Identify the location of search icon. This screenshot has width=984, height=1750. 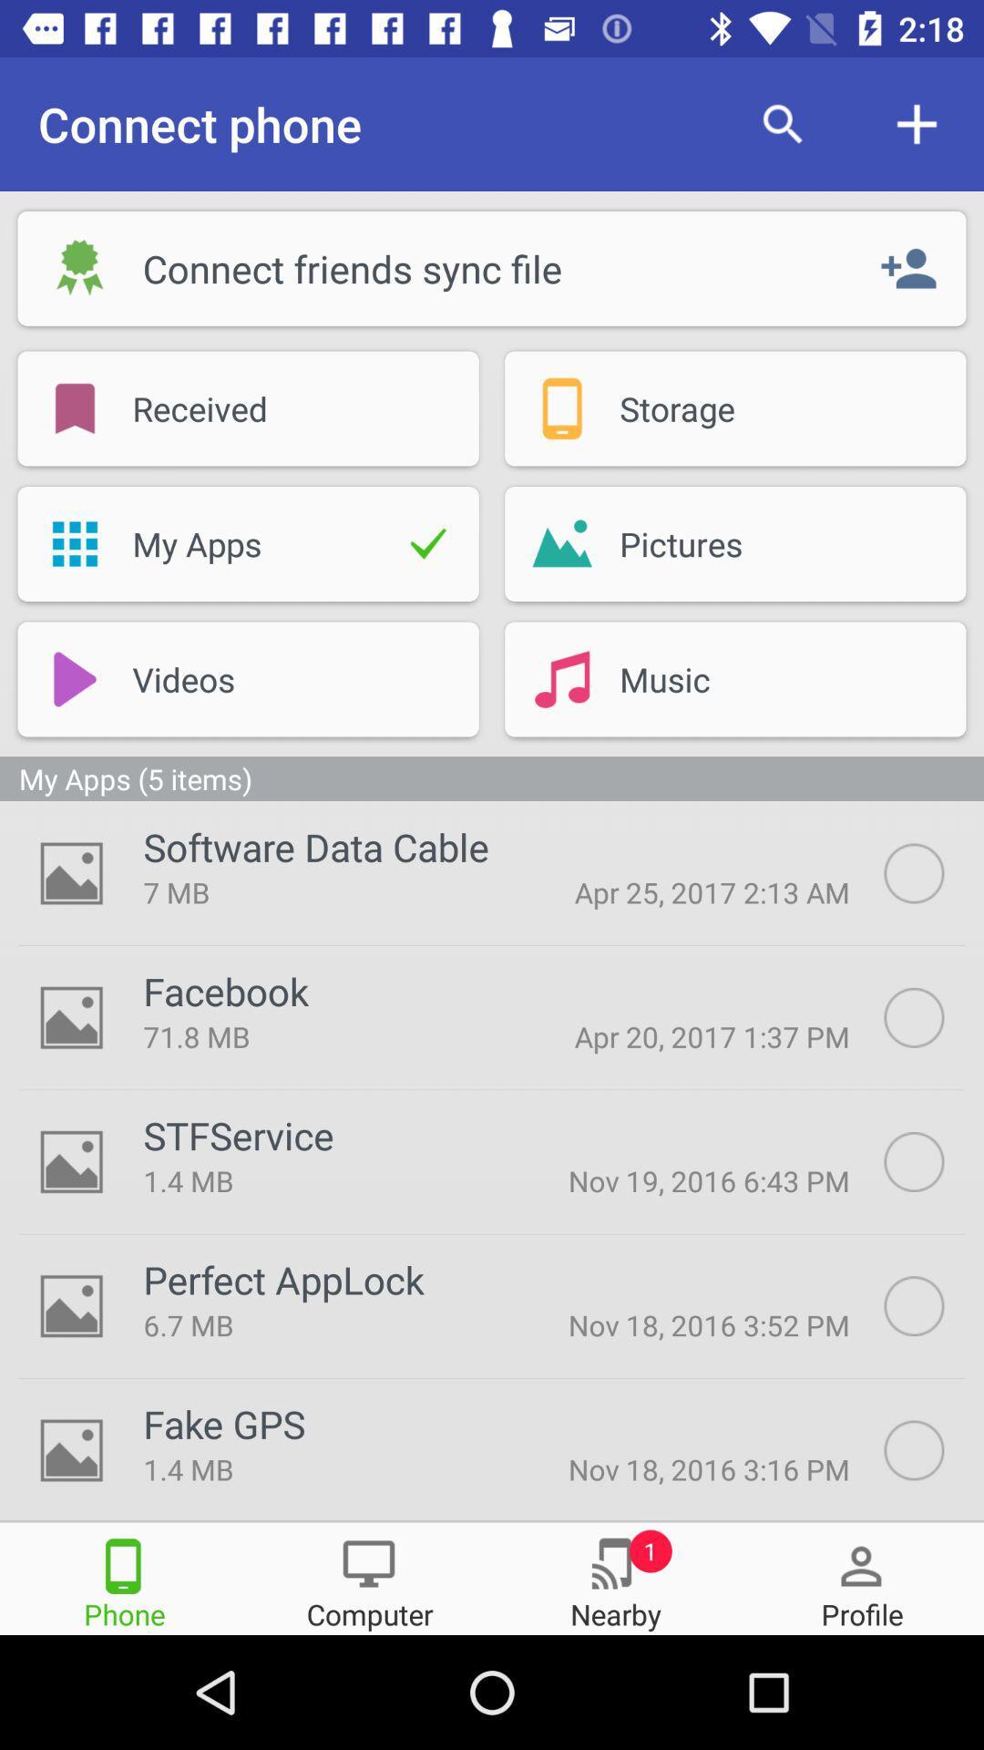
(782, 123).